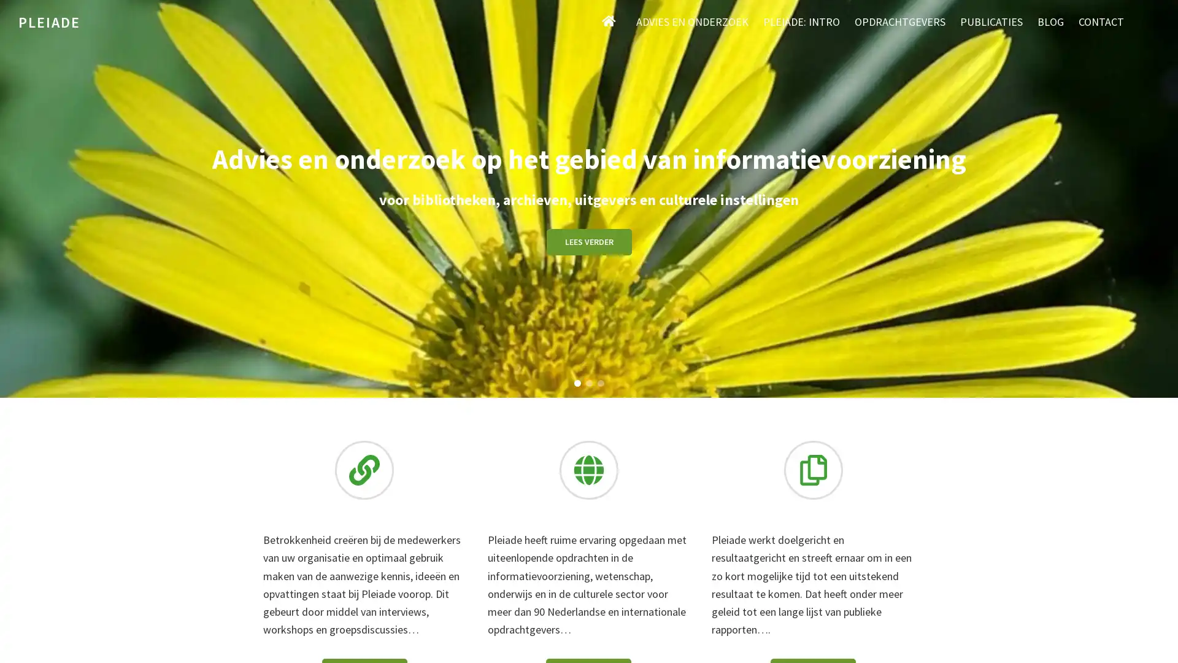 This screenshot has height=663, width=1178. What do you see at coordinates (588, 382) in the screenshot?
I see `Go to slide 2` at bounding box center [588, 382].